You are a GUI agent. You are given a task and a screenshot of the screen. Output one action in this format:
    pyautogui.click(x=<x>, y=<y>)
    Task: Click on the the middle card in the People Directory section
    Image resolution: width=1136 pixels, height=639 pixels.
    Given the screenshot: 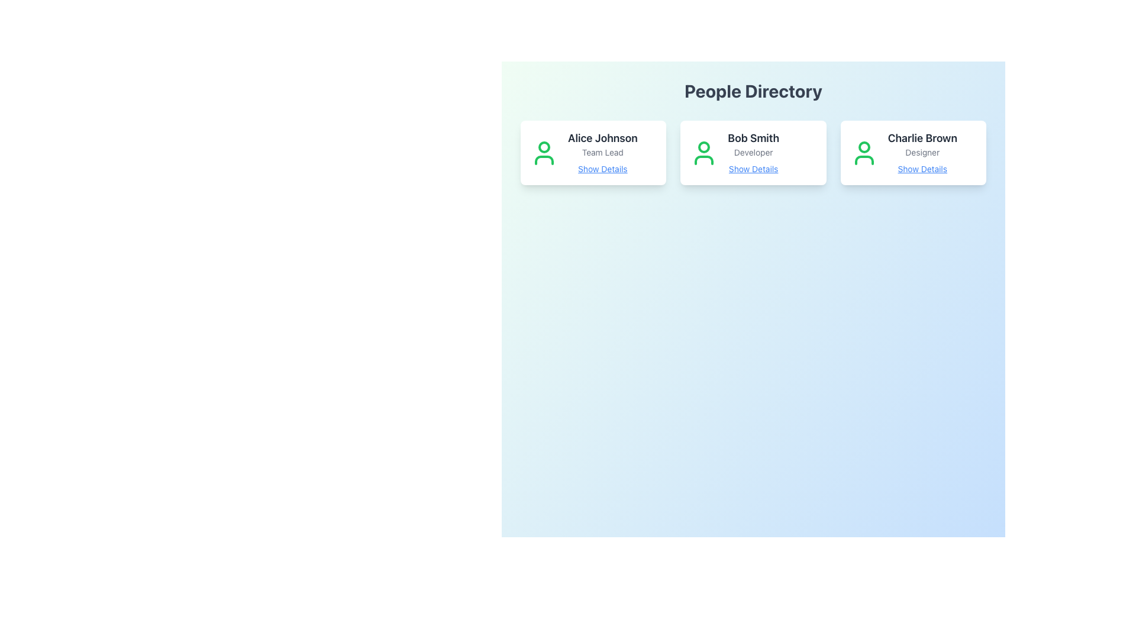 What is the action you would take?
    pyautogui.click(x=753, y=152)
    